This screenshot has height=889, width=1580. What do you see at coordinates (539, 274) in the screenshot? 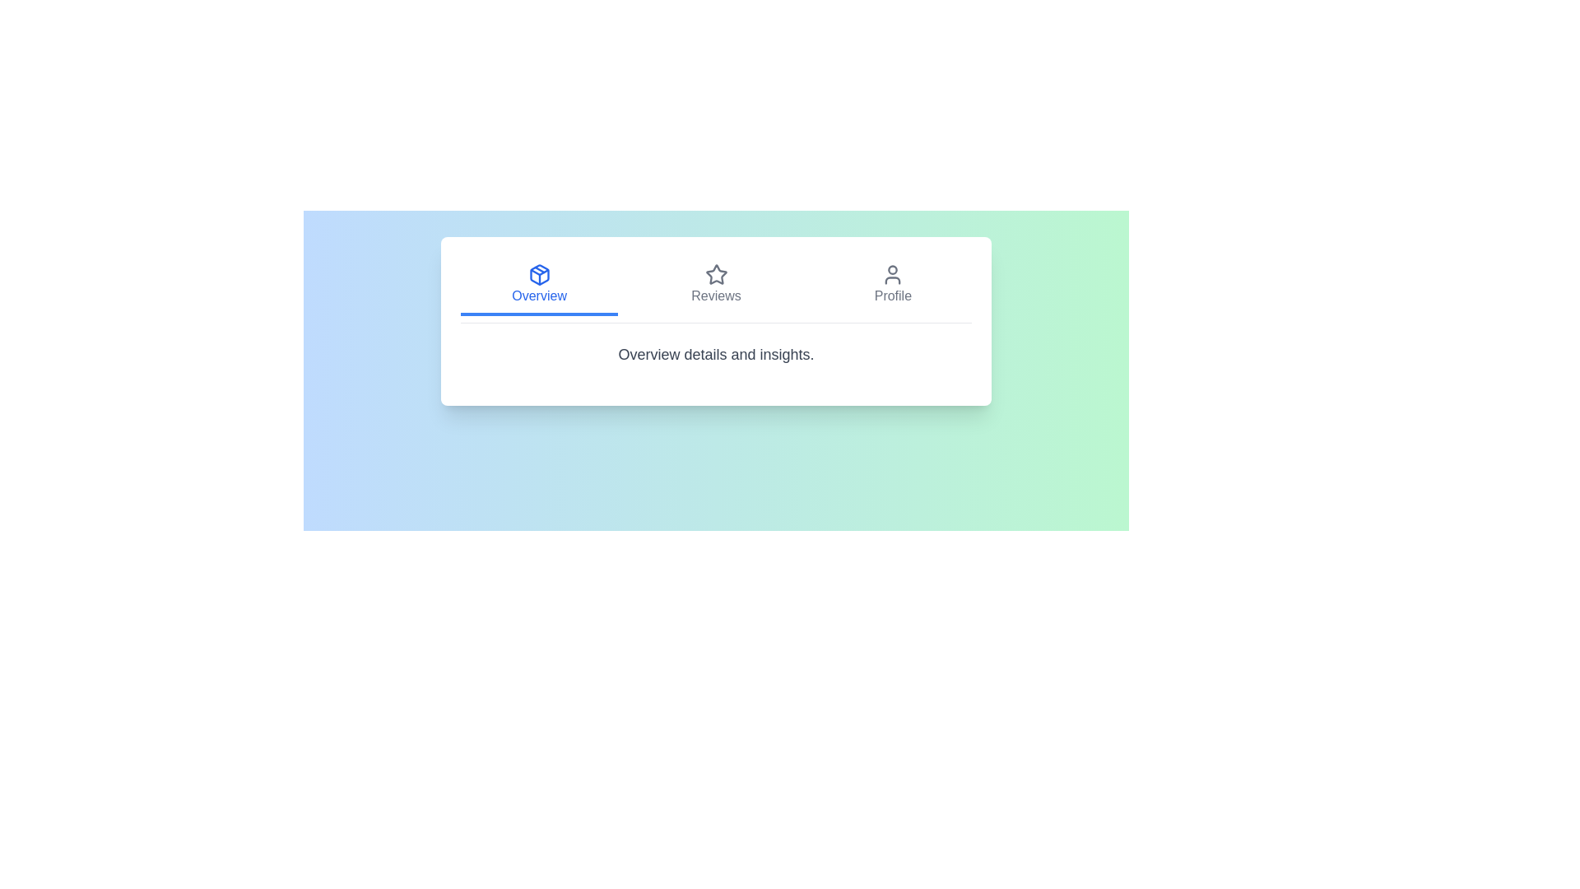
I see `the icon associated with the Overview tab` at bounding box center [539, 274].